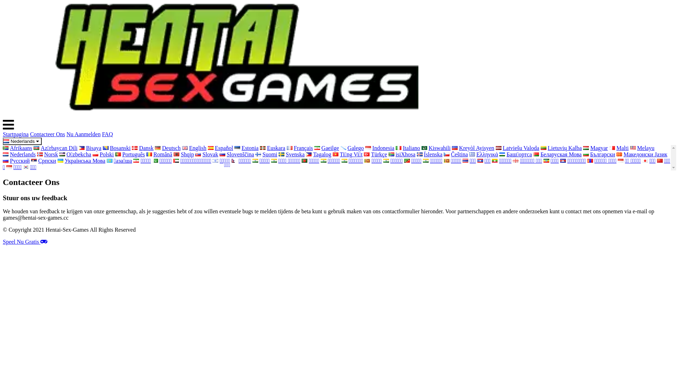 Image resolution: width=679 pixels, height=382 pixels. Describe the element at coordinates (326, 147) in the screenshot. I see `'Gaeilge'` at that location.